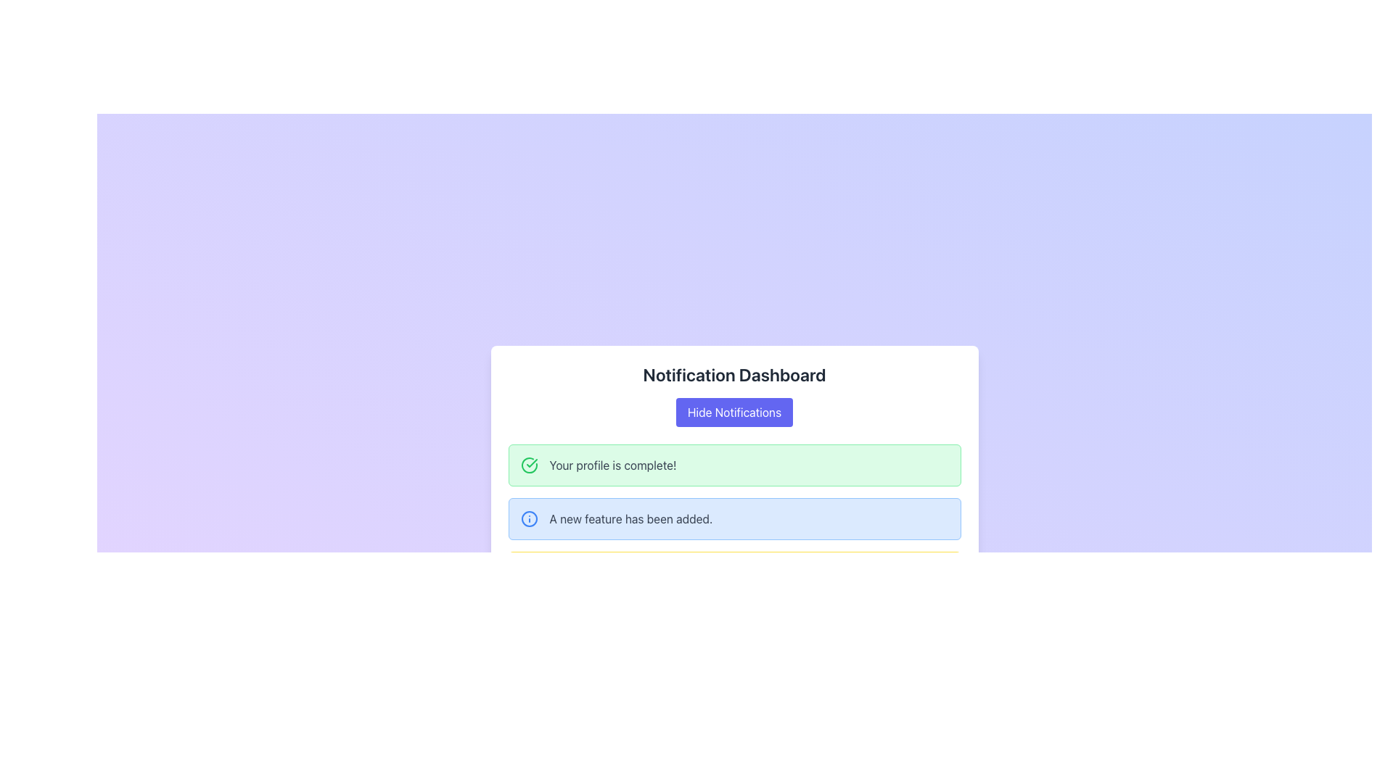 This screenshot has width=1393, height=783. What do you see at coordinates (630, 518) in the screenshot?
I see `the static text label displaying 'A new feature has been added.' located within the light blue notification card` at bounding box center [630, 518].